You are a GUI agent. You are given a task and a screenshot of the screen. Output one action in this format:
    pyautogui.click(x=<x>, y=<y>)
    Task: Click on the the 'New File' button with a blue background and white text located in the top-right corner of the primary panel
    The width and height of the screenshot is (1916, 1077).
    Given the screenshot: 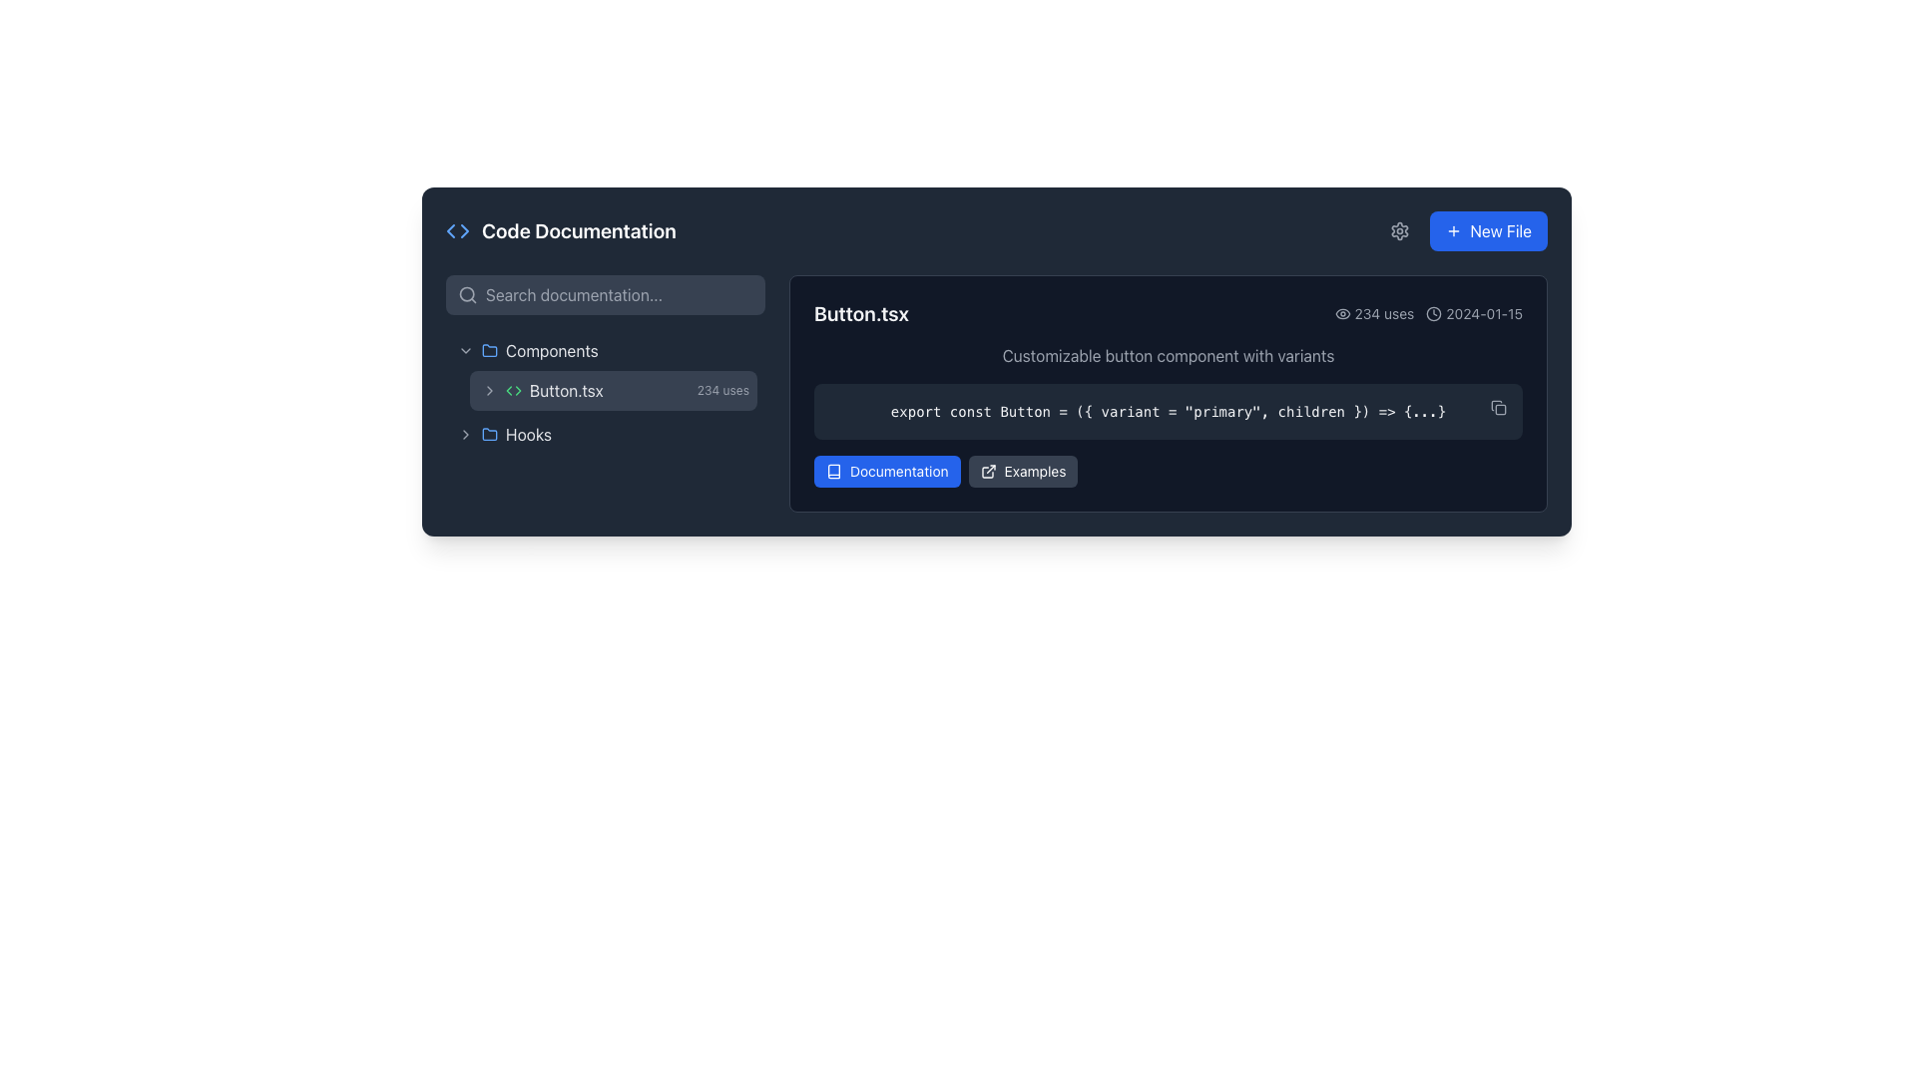 What is the action you would take?
    pyautogui.click(x=1489, y=229)
    